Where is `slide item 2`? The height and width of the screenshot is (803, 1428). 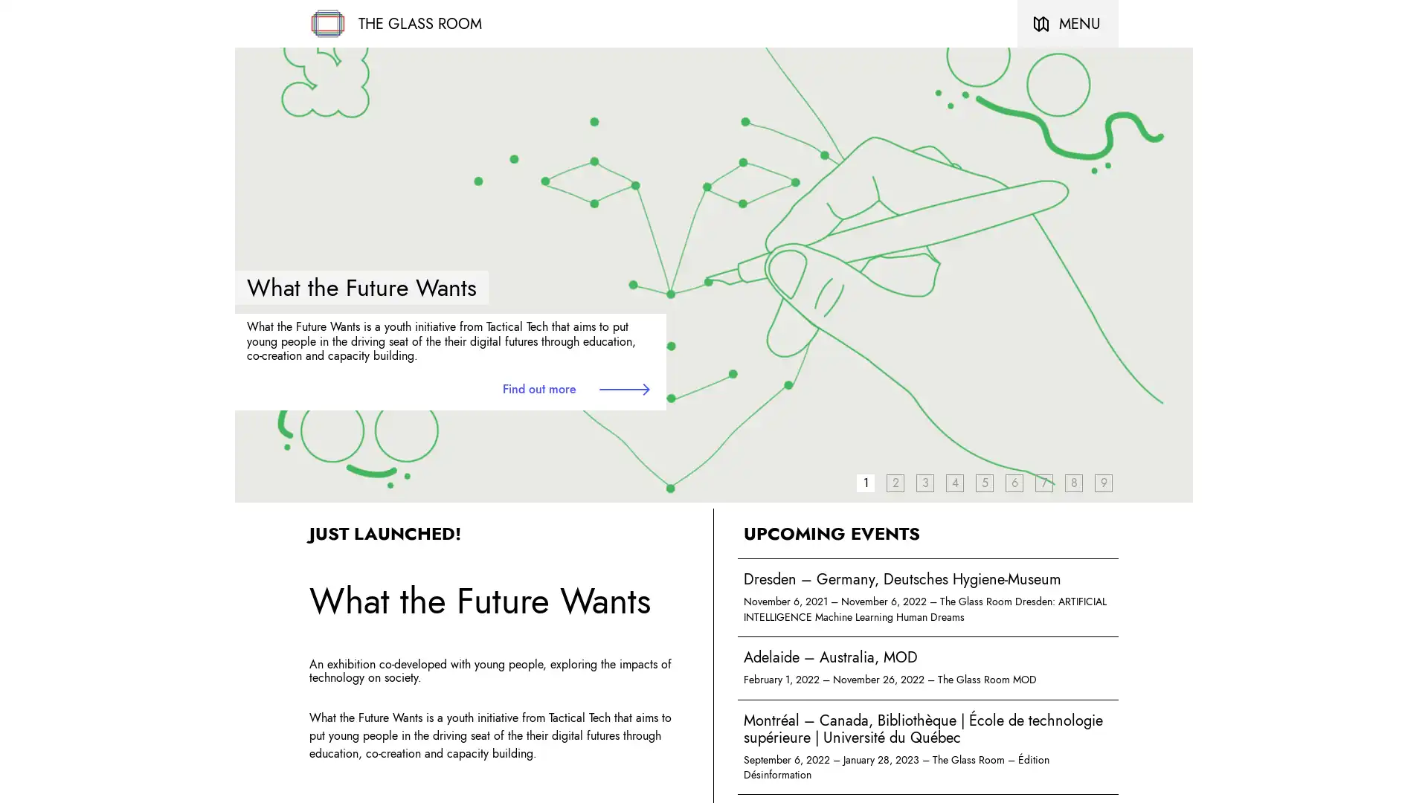
slide item 2 is located at coordinates (895, 482).